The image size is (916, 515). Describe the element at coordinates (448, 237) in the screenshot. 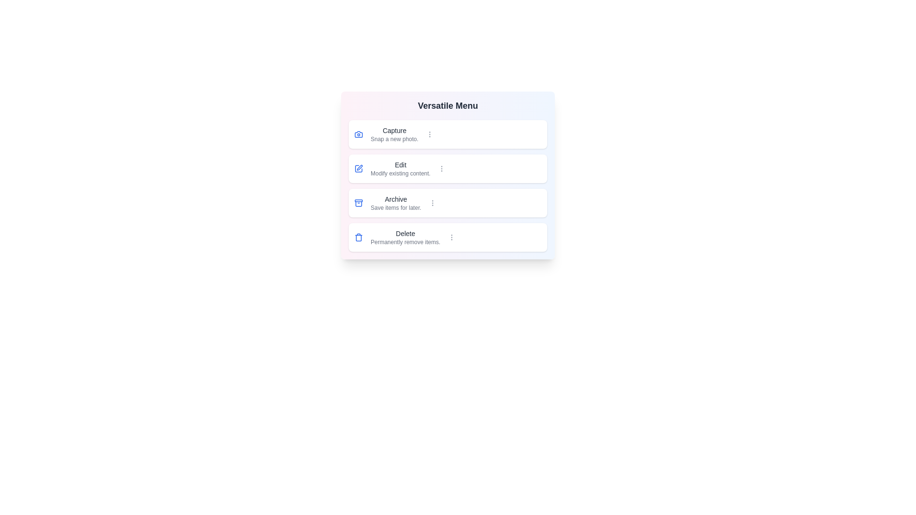

I see `the menu item corresponding to Delete` at that location.